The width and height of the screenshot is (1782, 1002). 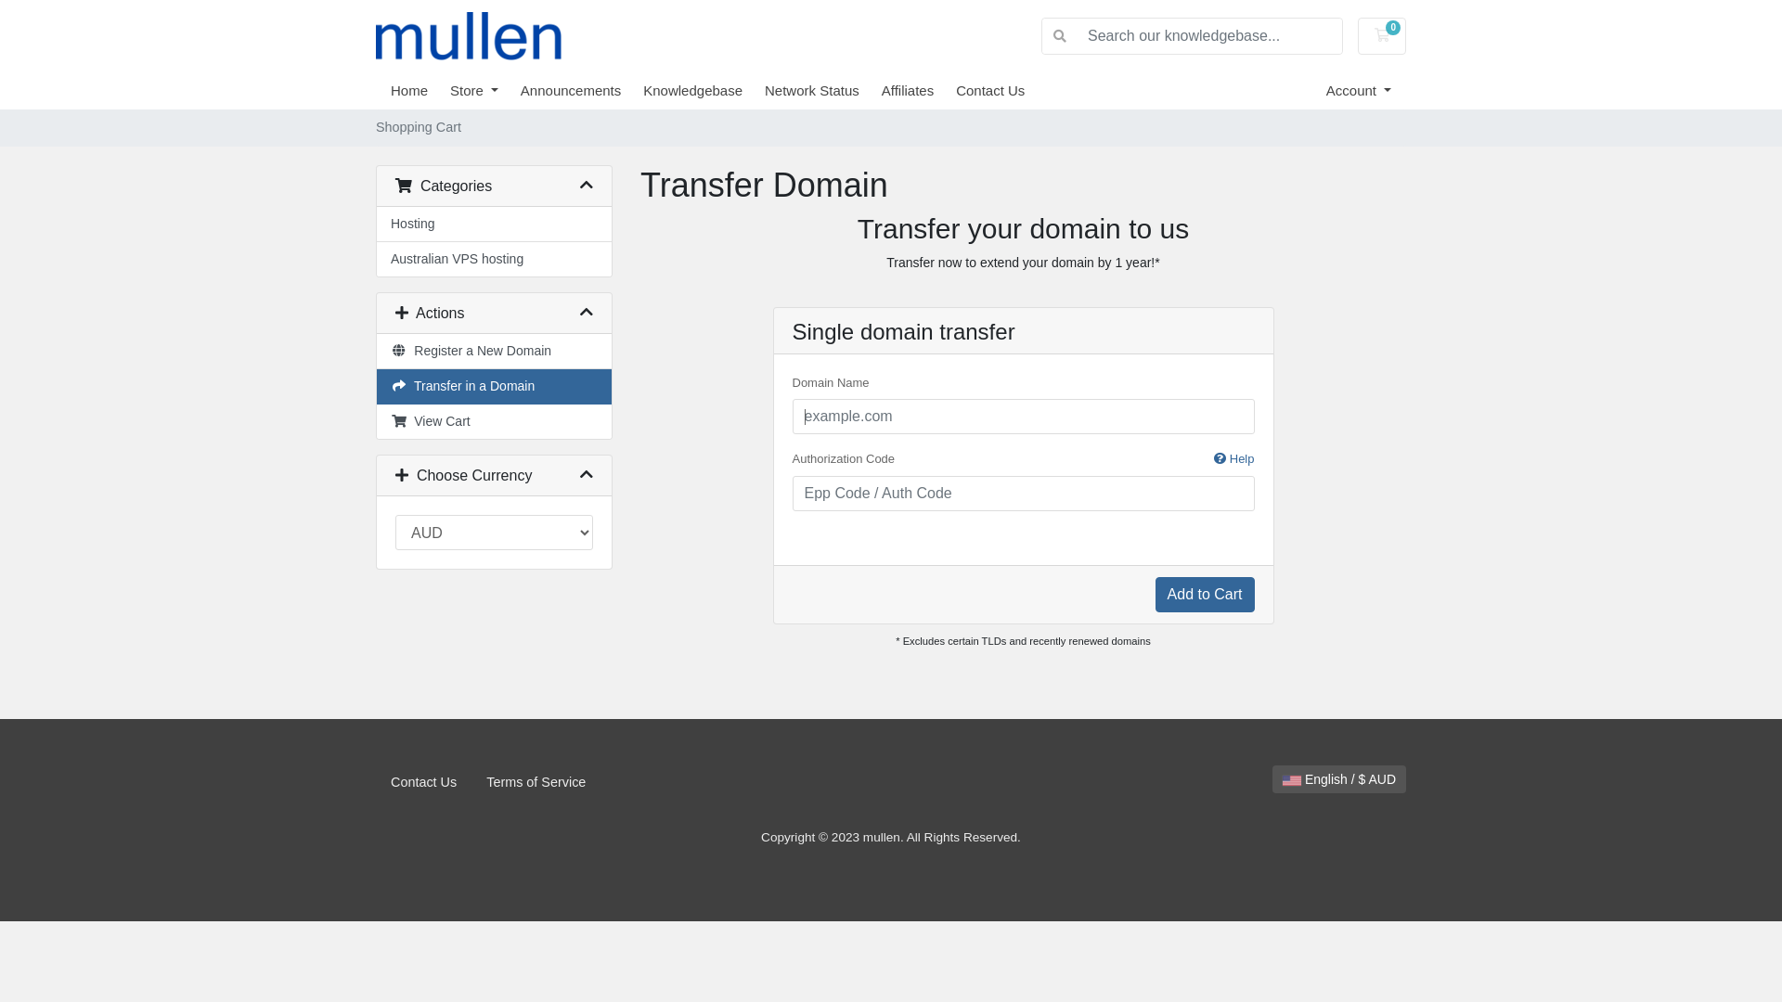 I want to click on '  Transfer in a Domain', so click(x=376, y=385).